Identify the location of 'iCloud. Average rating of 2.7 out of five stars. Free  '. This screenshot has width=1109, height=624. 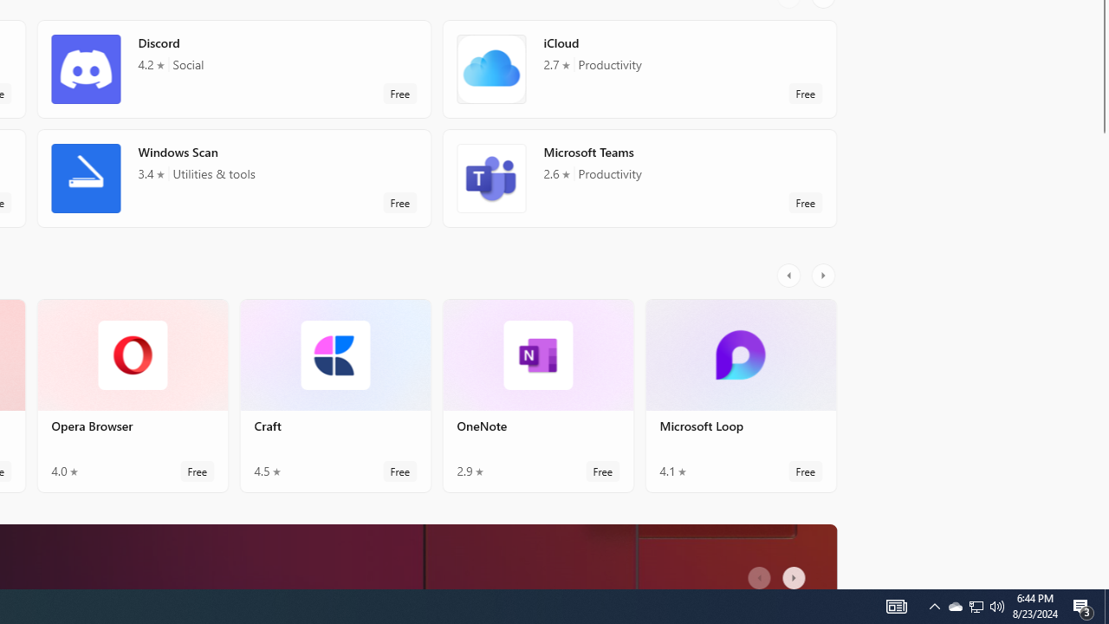
(638, 68).